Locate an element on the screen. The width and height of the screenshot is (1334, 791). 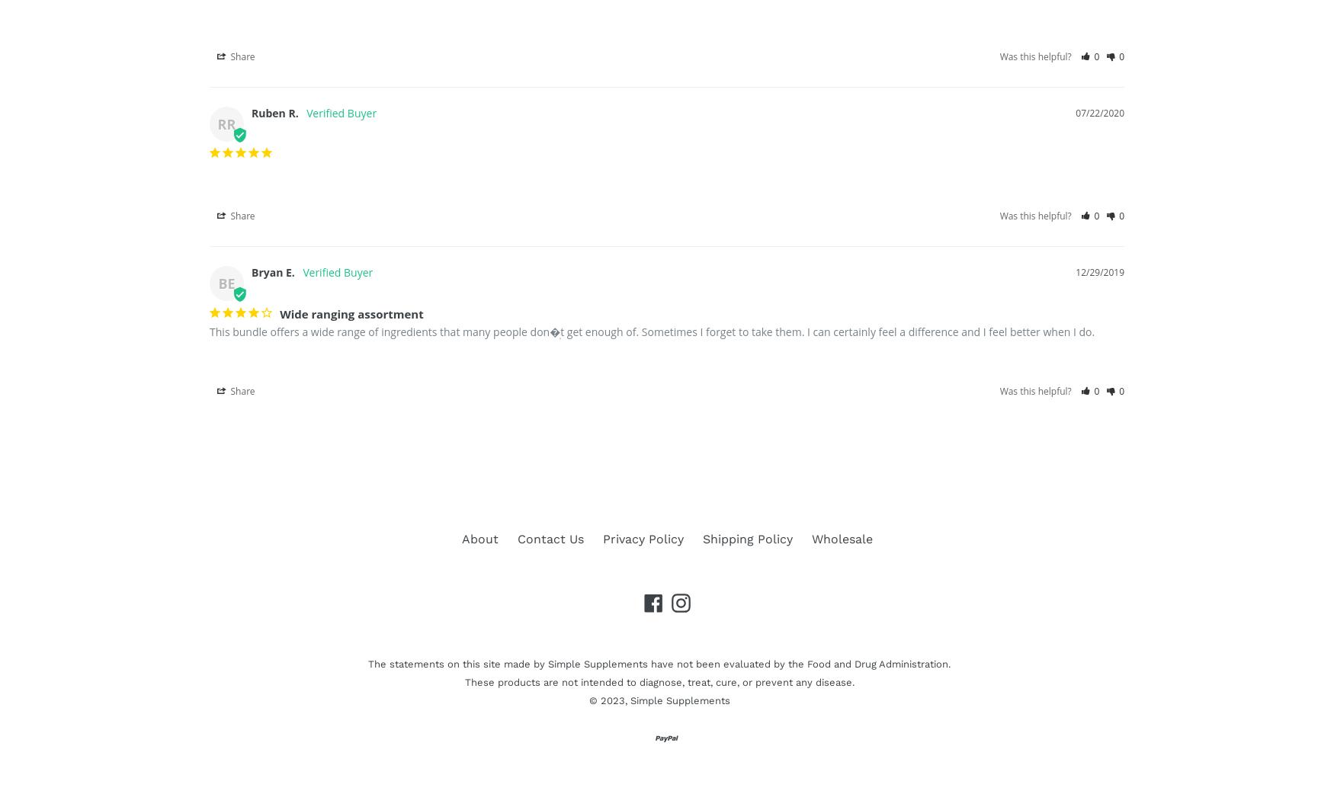
'RR' is located at coordinates (225, 123).